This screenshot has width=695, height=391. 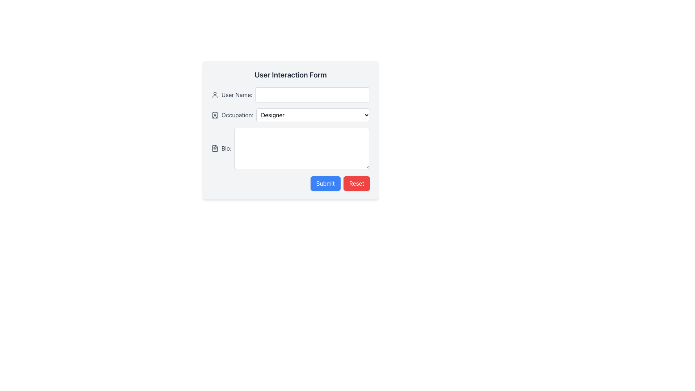 What do you see at coordinates (226, 148) in the screenshot?
I see `the Text Label for the biography input field located above the multiline text box in the Bio section of the user interaction form` at bounding box center [226, 148].